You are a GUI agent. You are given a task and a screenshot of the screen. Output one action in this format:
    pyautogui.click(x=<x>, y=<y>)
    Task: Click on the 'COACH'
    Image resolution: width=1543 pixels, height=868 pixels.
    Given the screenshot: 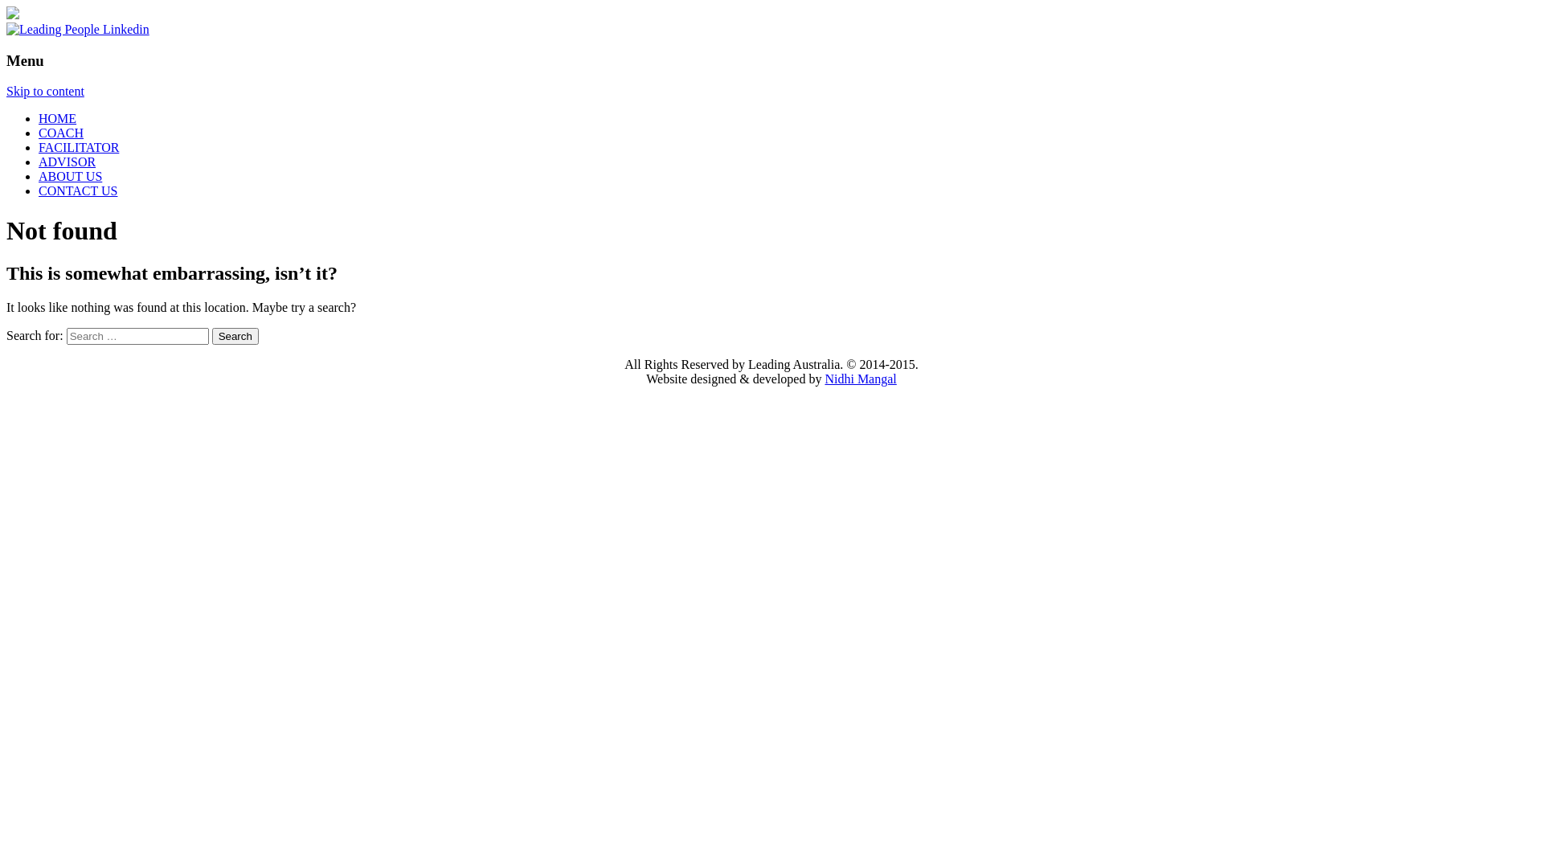 What is the action you would take?
    pyautogui.click(x=61, y=132)
    